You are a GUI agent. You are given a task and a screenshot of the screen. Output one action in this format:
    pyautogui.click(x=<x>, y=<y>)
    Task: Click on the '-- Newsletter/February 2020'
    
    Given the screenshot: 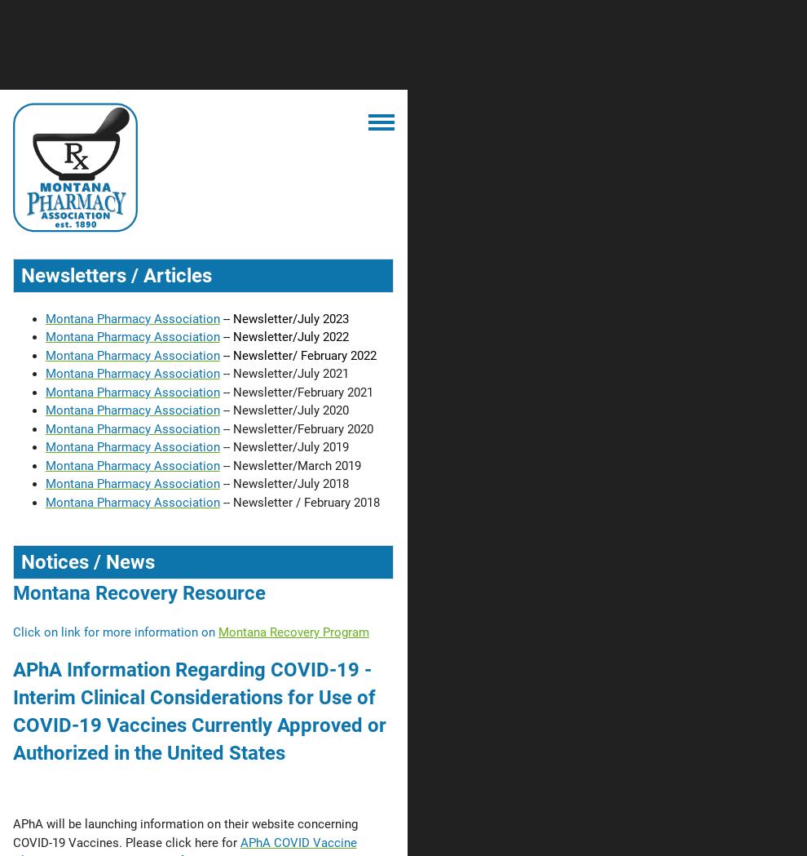 What is the action you would take?
    pyautogui.click(x=296, y=428)
    